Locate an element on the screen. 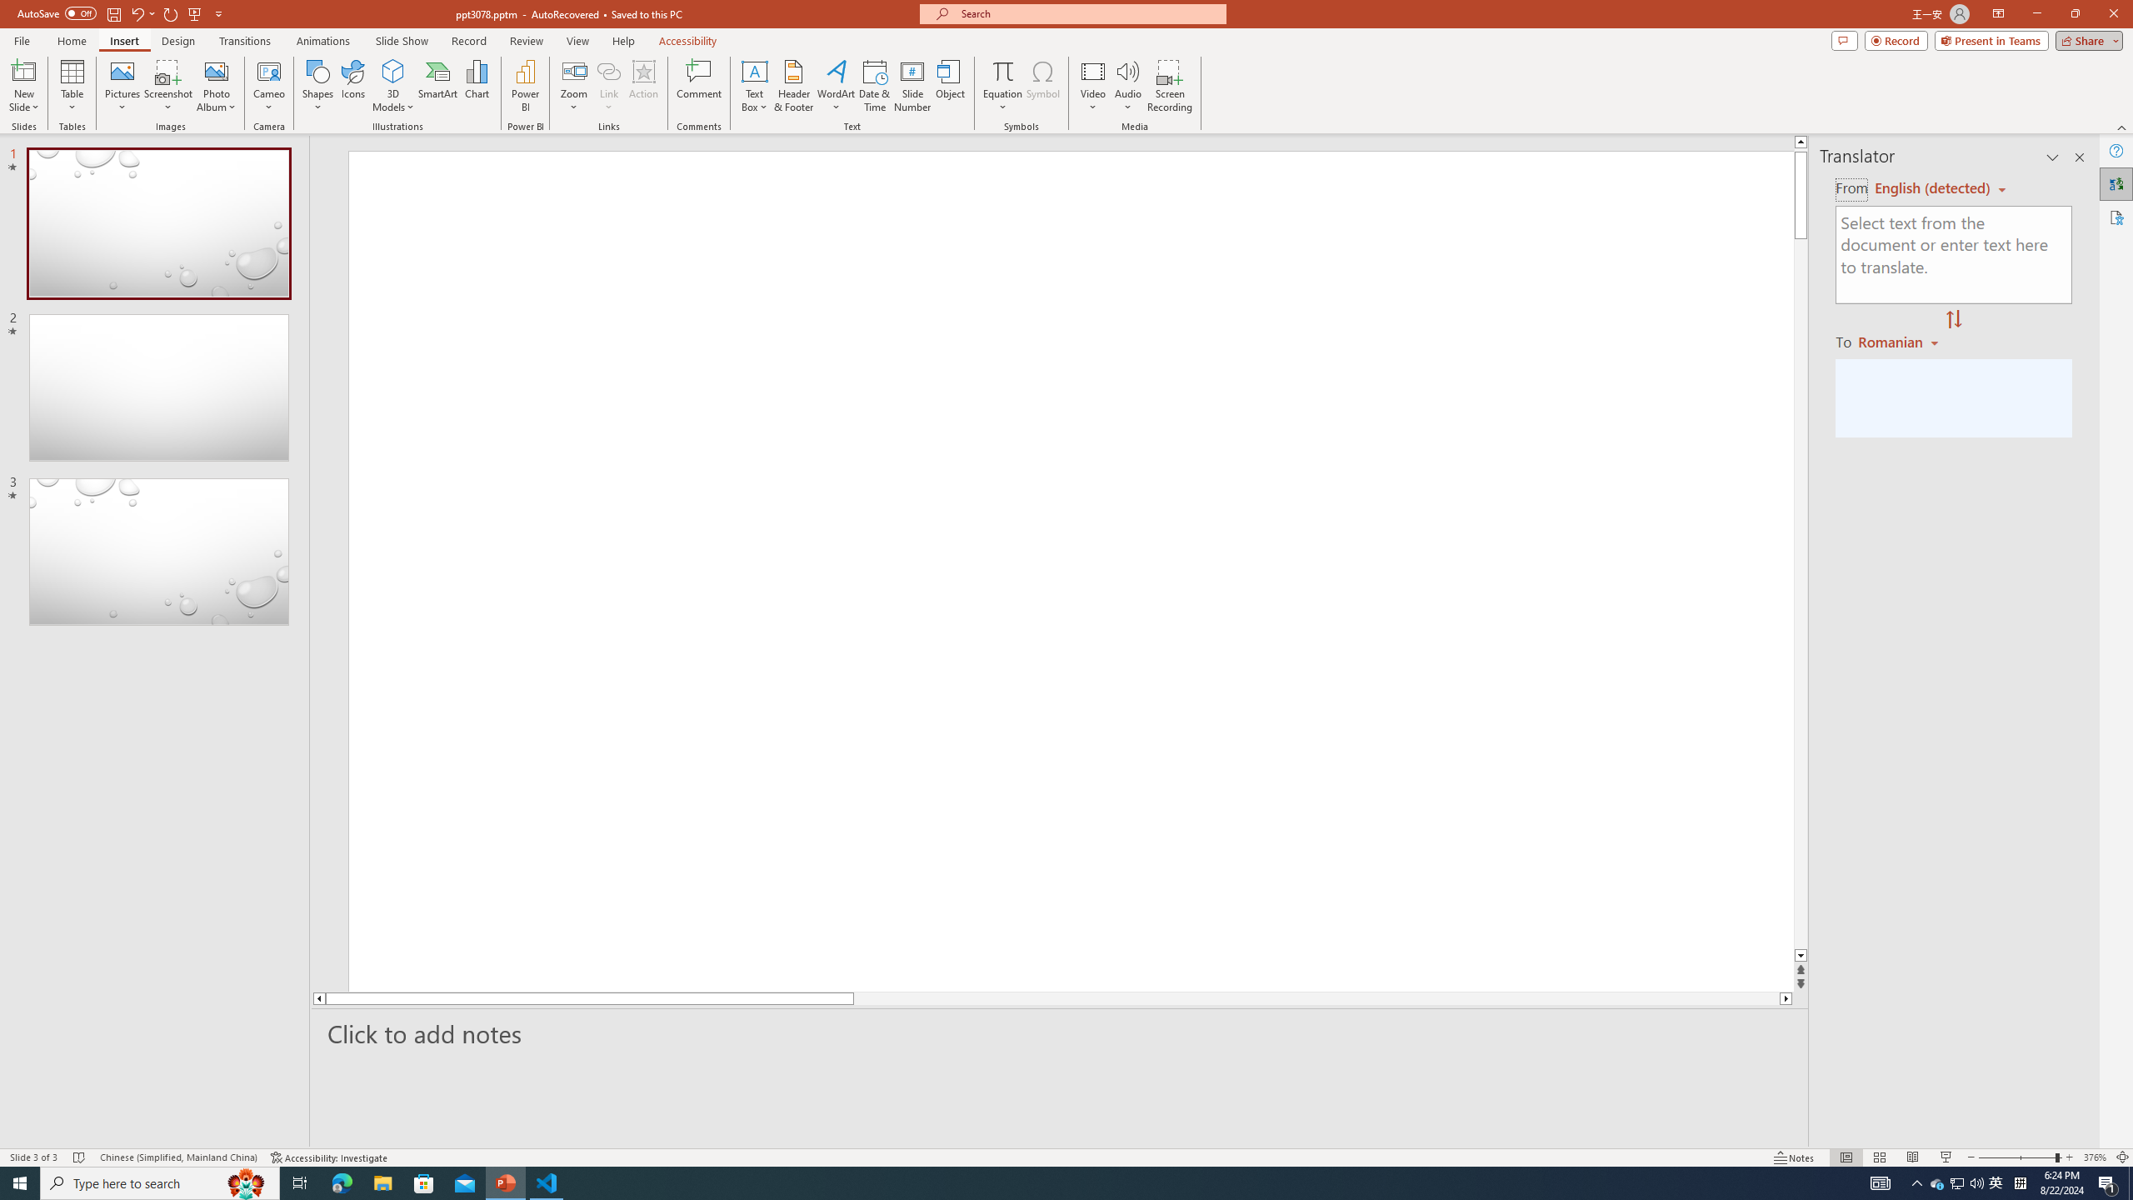 The image size is (2133, 1200). 'Icons' is located at coordinates (352, 86).